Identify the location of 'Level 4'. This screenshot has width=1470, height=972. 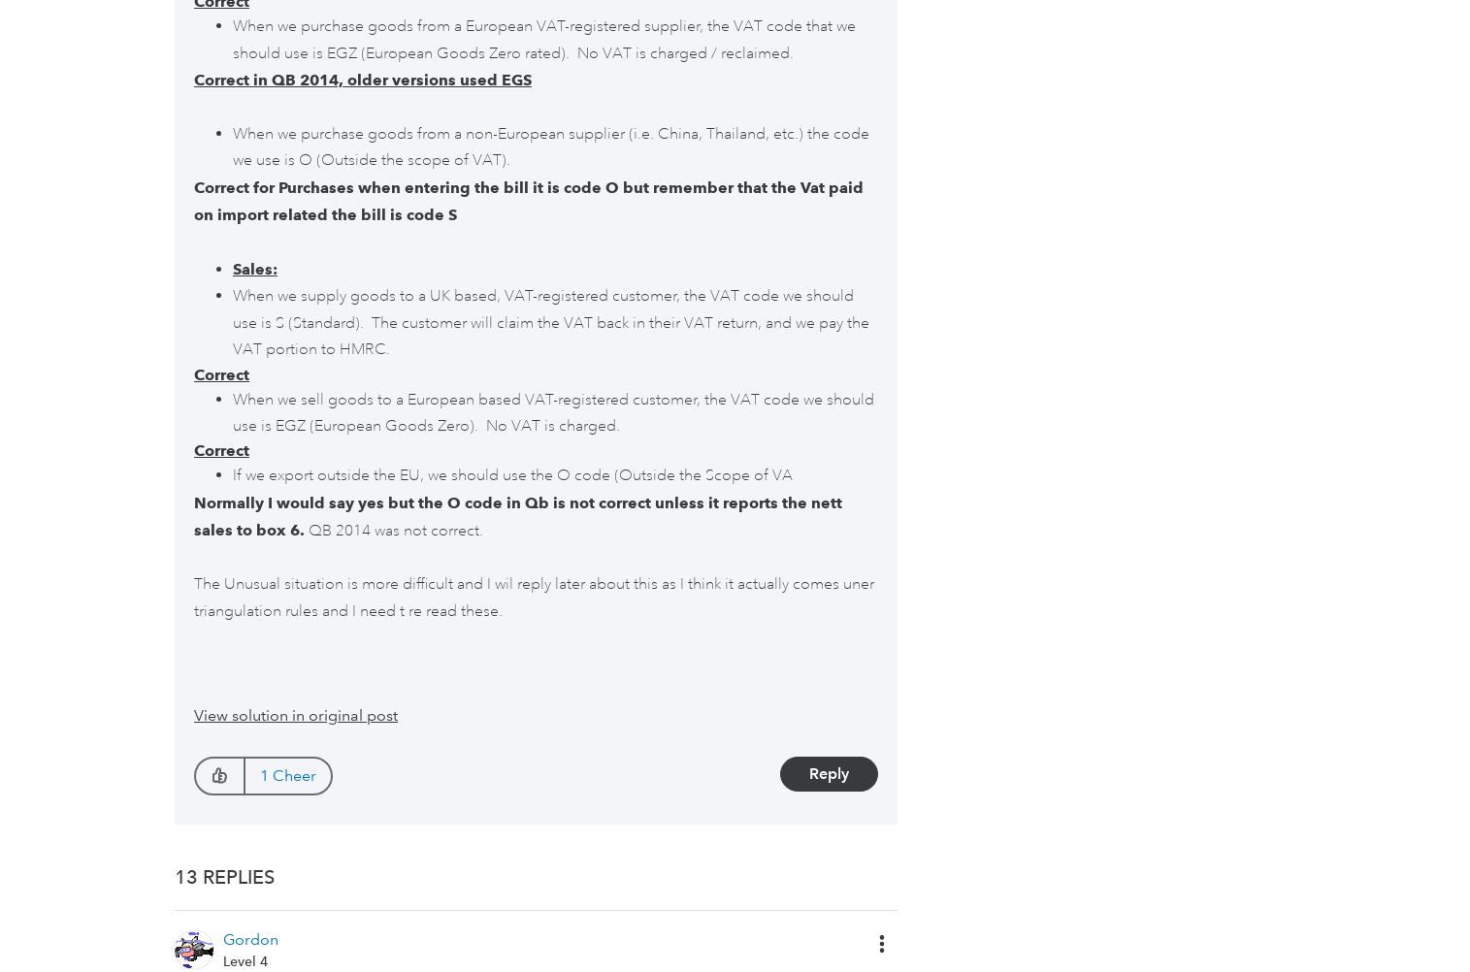
(245, 958).